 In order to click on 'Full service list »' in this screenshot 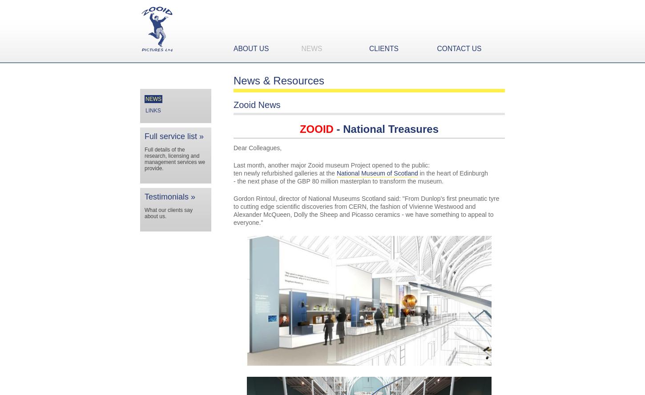, I will do `click(173, 136)`.